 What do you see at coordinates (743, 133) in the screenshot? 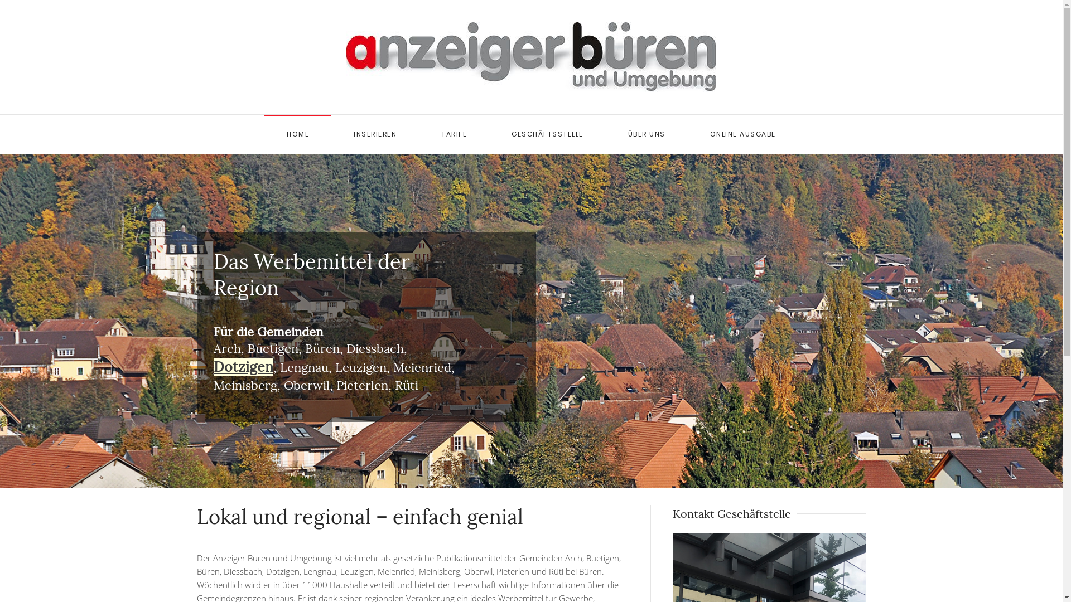
I see `'ONLINE AUSGABE'` at bounding box center [743, 133].